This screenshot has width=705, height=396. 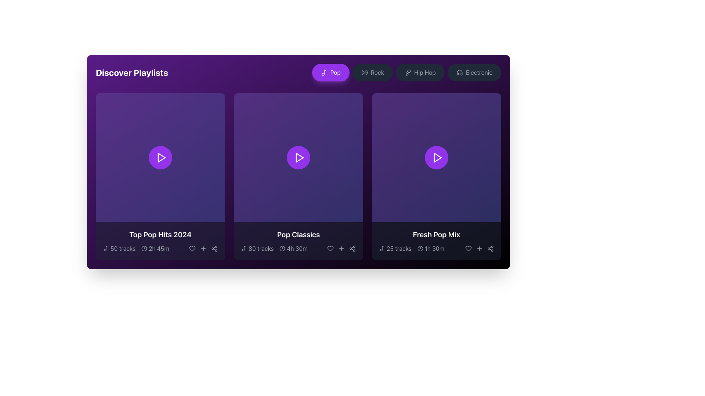 What do you see at coordinates (438, 157) in the screenshot?
I see `the triangular play icon with a purple fill and pink stroke located in the third card from the left, above the title 'Fresh Pop Mix'` at bounding box center [438, 157].